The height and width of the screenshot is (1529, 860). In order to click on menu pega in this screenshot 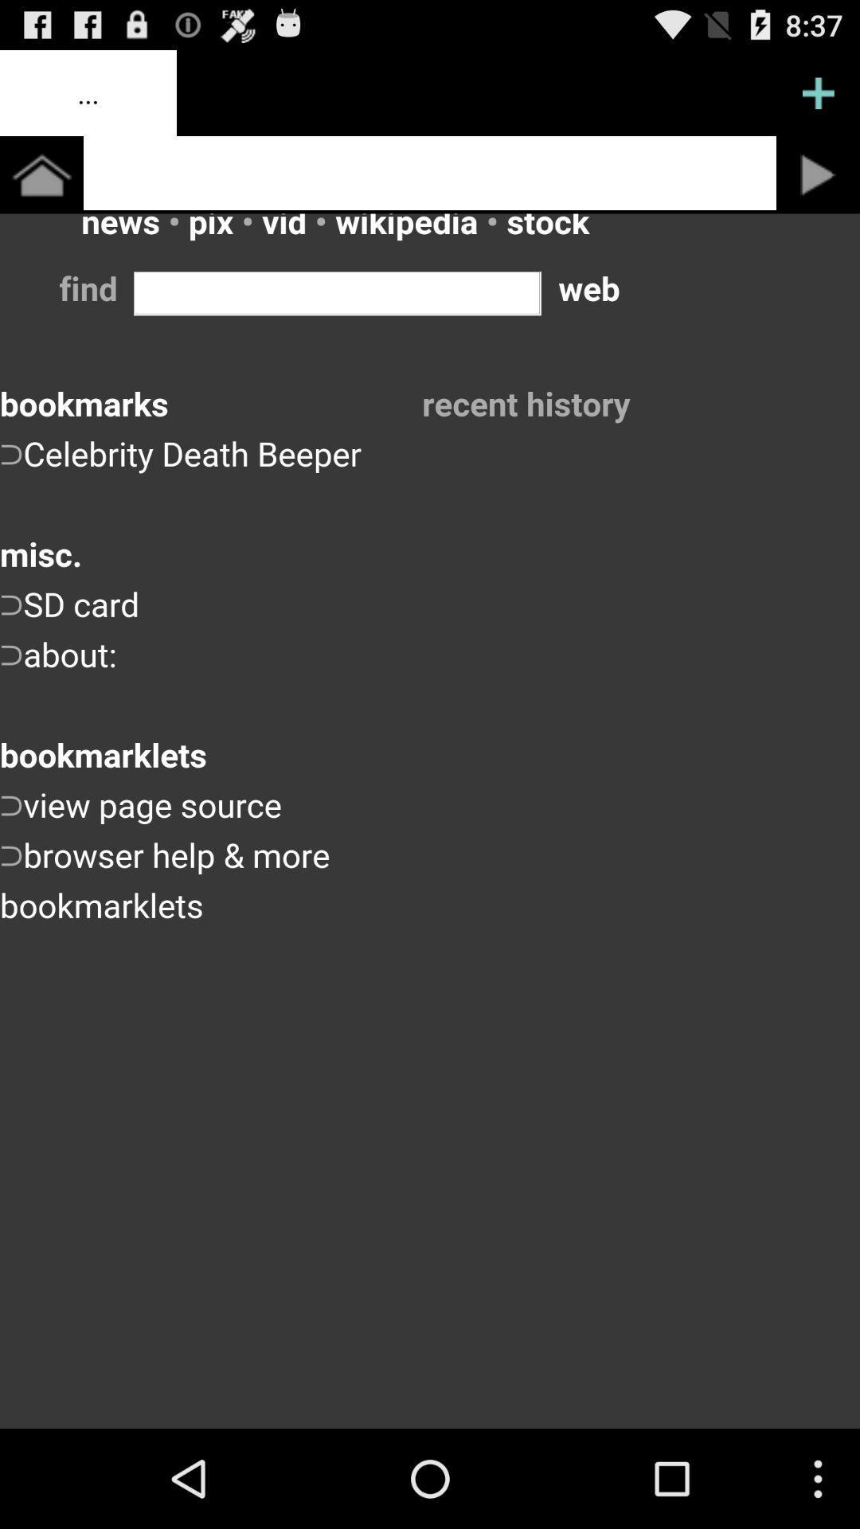, I will do `click(818, 92)`.